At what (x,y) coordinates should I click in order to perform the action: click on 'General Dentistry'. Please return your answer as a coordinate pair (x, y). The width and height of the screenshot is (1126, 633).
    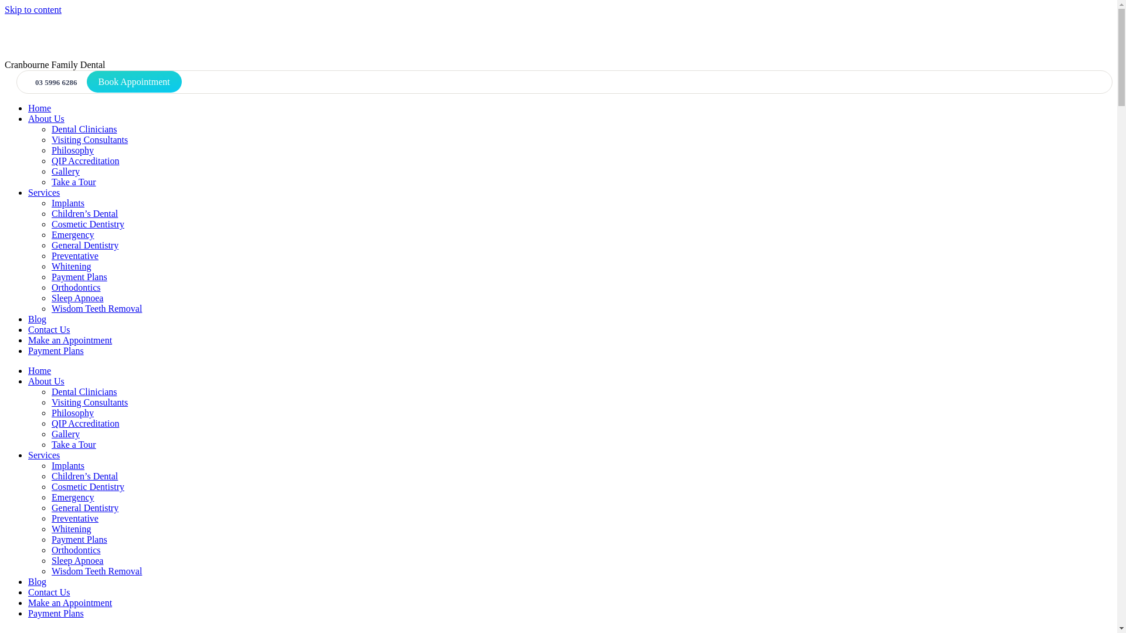
    Looking at the image, I should click on (84, 507).